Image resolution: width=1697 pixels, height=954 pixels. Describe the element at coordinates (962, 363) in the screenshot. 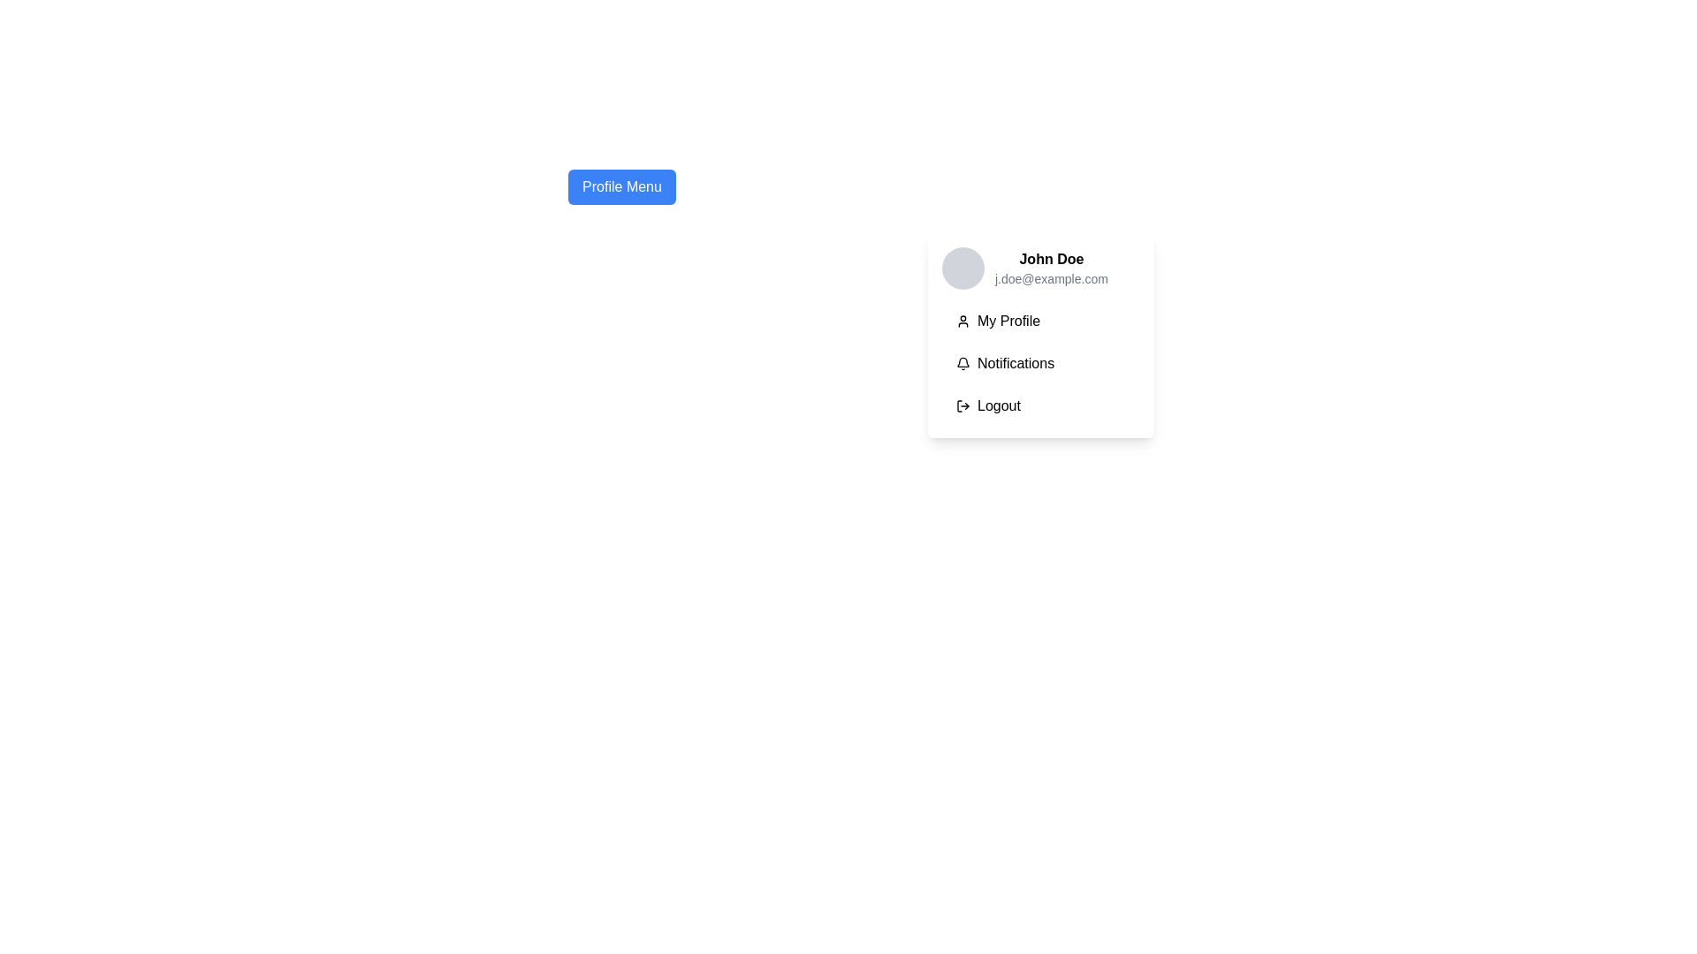

I see `the notifications icon in the dropdown menu` at that location.